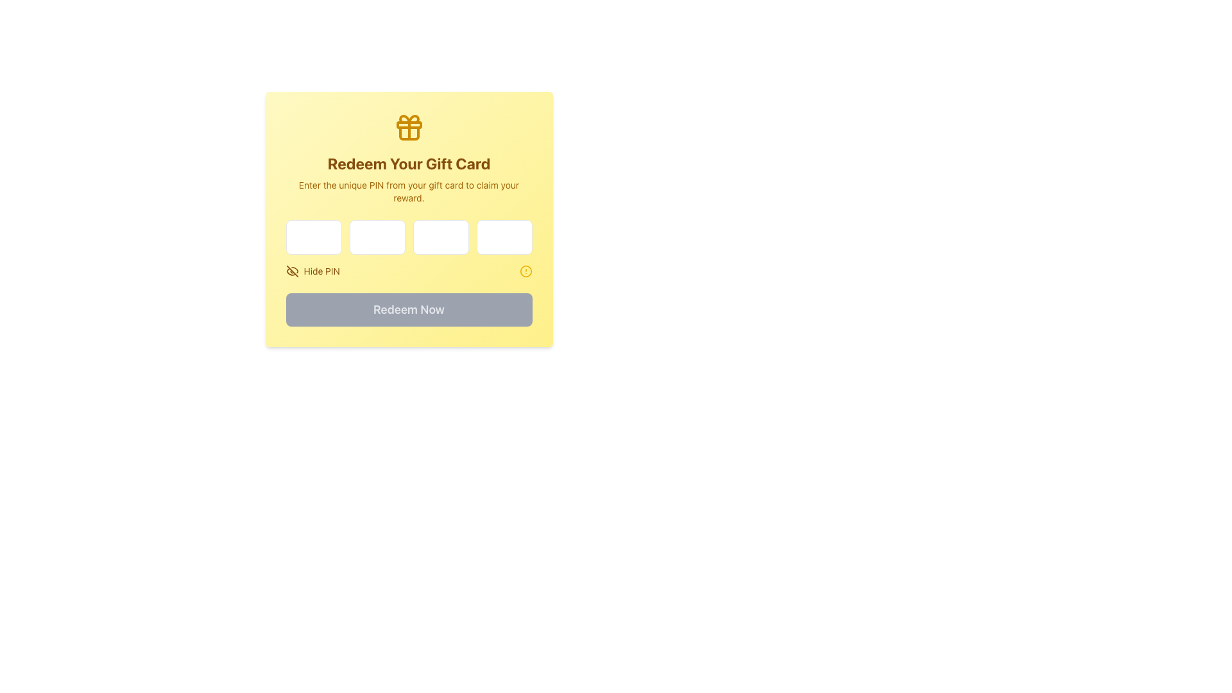 This screenshot has width=1232, height=693. Describe the element at coordinates (291, 271) in the screenshot. I see `the crossed-out eye icon located to the left of the 'Hide PIN' label` at that location.